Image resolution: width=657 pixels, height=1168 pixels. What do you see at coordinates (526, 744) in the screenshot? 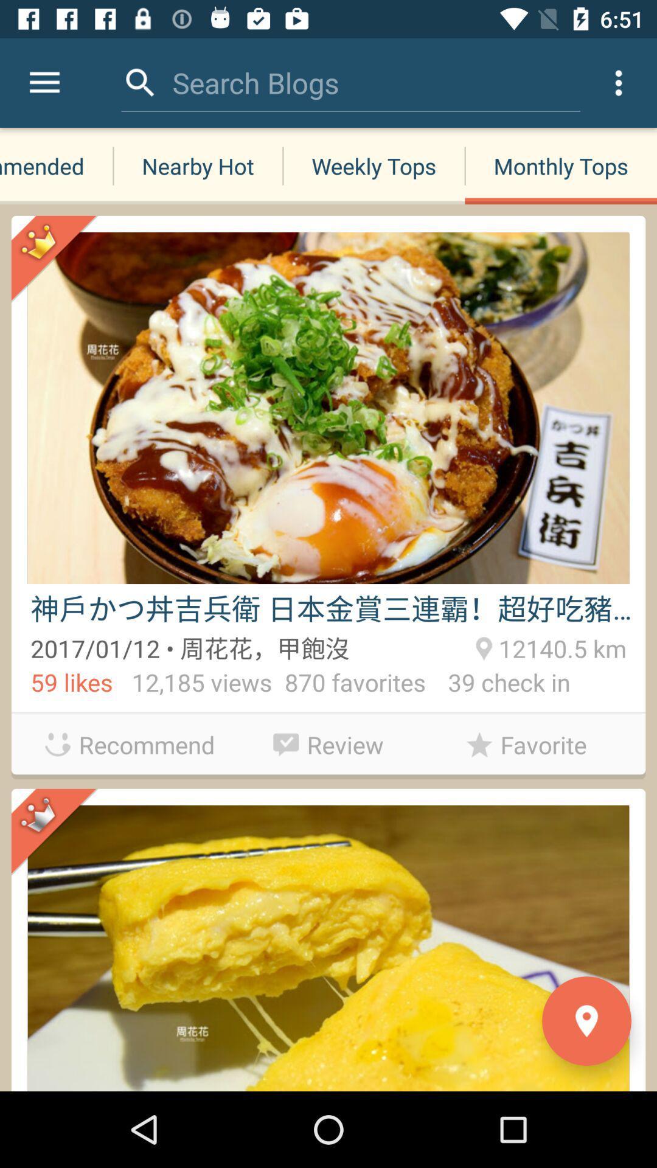
I see `the favorite icon` at bounding box center [526, 744].